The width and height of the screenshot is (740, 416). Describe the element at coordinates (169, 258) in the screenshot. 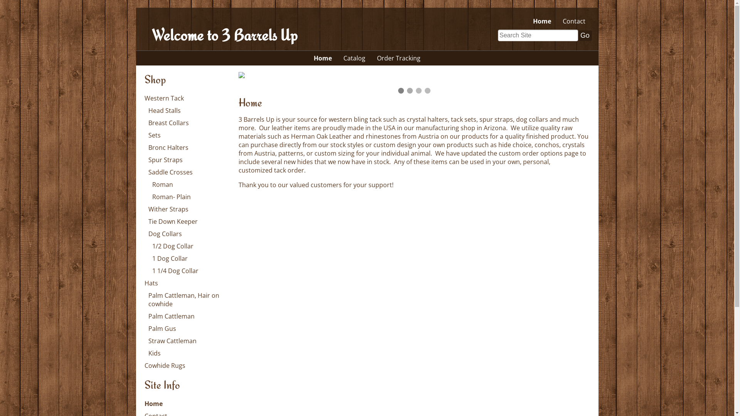

I see `'1 Dog Collar'` at that location.